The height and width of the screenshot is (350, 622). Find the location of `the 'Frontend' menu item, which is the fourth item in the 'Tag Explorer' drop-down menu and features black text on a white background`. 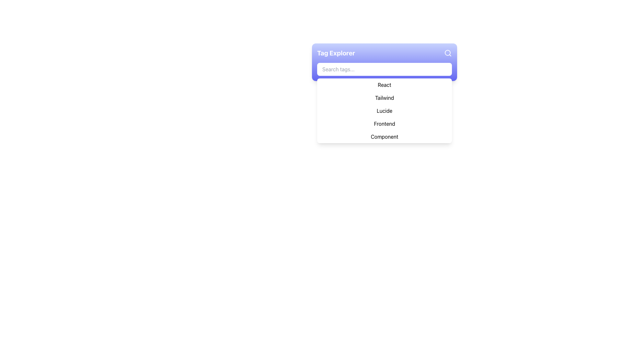

the 'Frontend' menu item, which is the fourth item in the 'Tag Explorer' drop-down menu and features black text on a white background is located at coordinates (384, 123).